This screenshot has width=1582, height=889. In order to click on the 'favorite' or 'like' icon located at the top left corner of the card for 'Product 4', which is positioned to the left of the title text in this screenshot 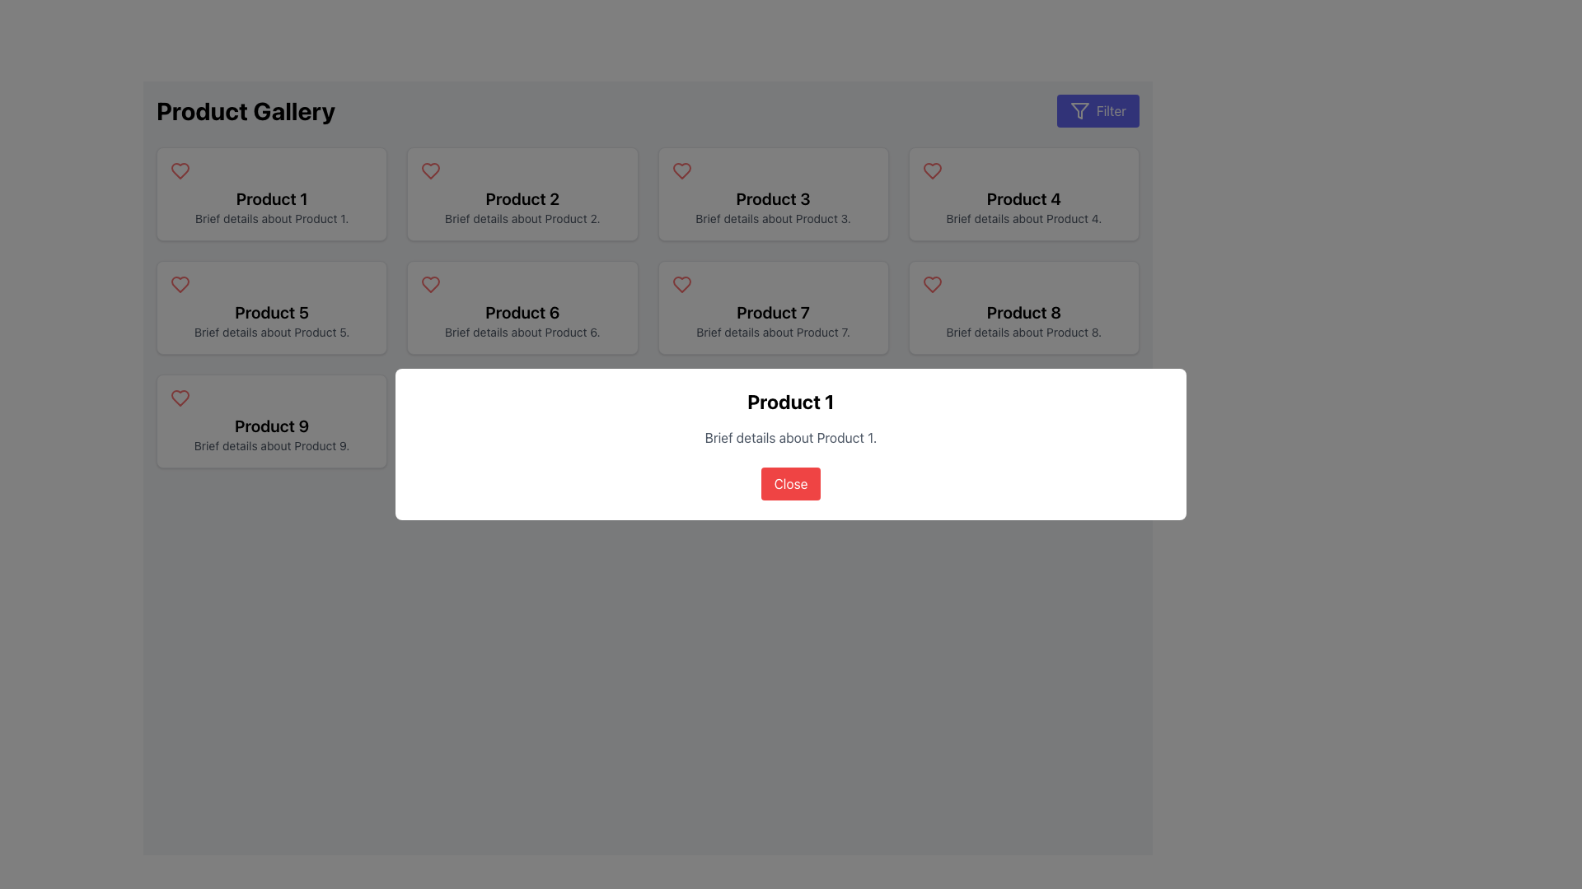, I will do `click(932, 171)`.